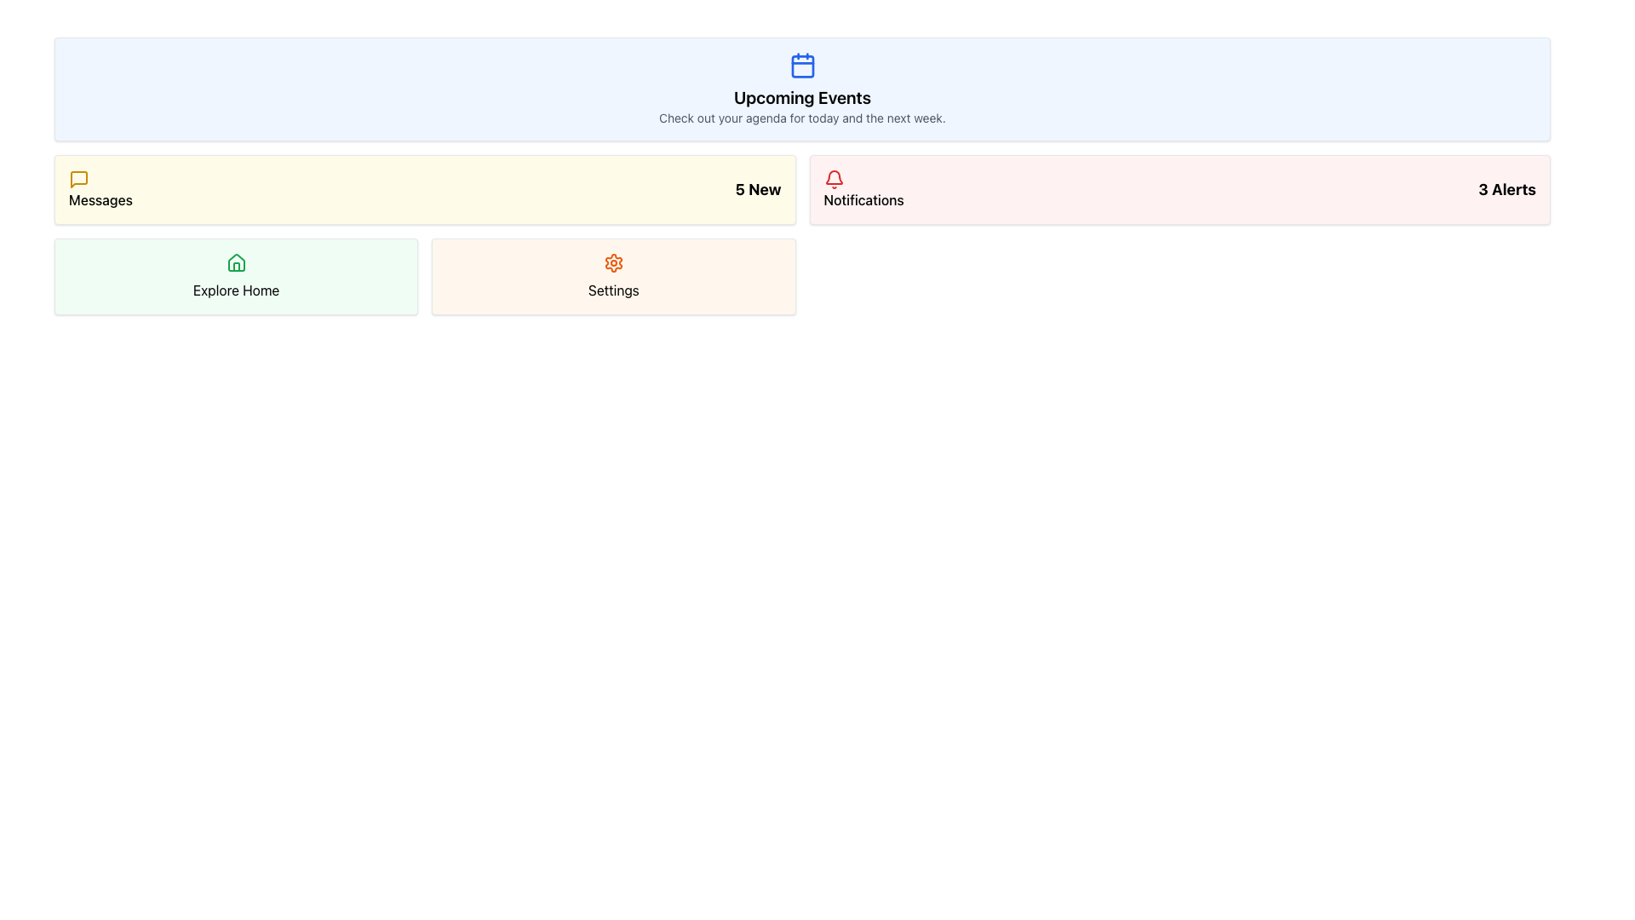 The width and height of the screenshot is (1635, 920). I want to click on the house-shaped icon within the 'Explore Home' button for better recognition of its purpose, so click(235, 267).